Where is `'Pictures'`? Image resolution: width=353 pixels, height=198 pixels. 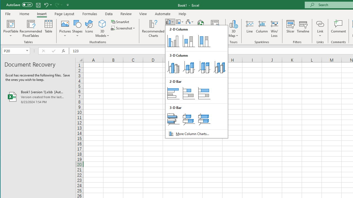 'Pictures' is located at coordinates (65, 29).